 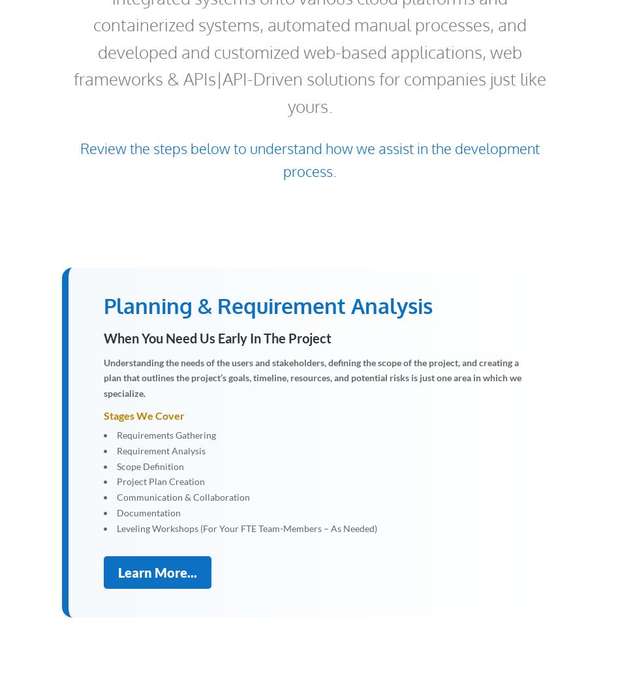 I want to click on 'Project Plan Creation', so click(x=160, y=481).